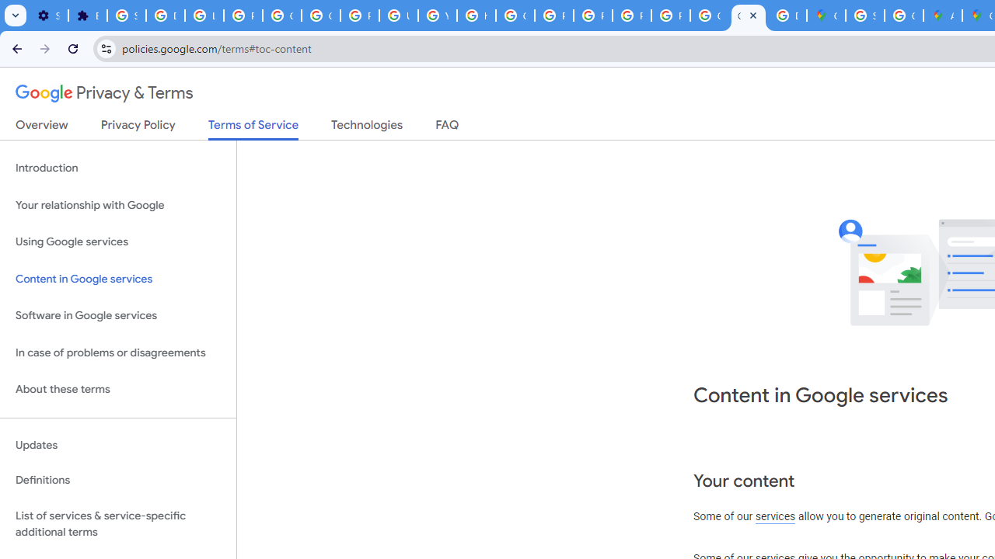 The image size is (995, 559). Describe the element at coordinates (166, 16) in the screenshot. I see `'Delete photos & videos - Computer - Google Photos Help'` at that location.